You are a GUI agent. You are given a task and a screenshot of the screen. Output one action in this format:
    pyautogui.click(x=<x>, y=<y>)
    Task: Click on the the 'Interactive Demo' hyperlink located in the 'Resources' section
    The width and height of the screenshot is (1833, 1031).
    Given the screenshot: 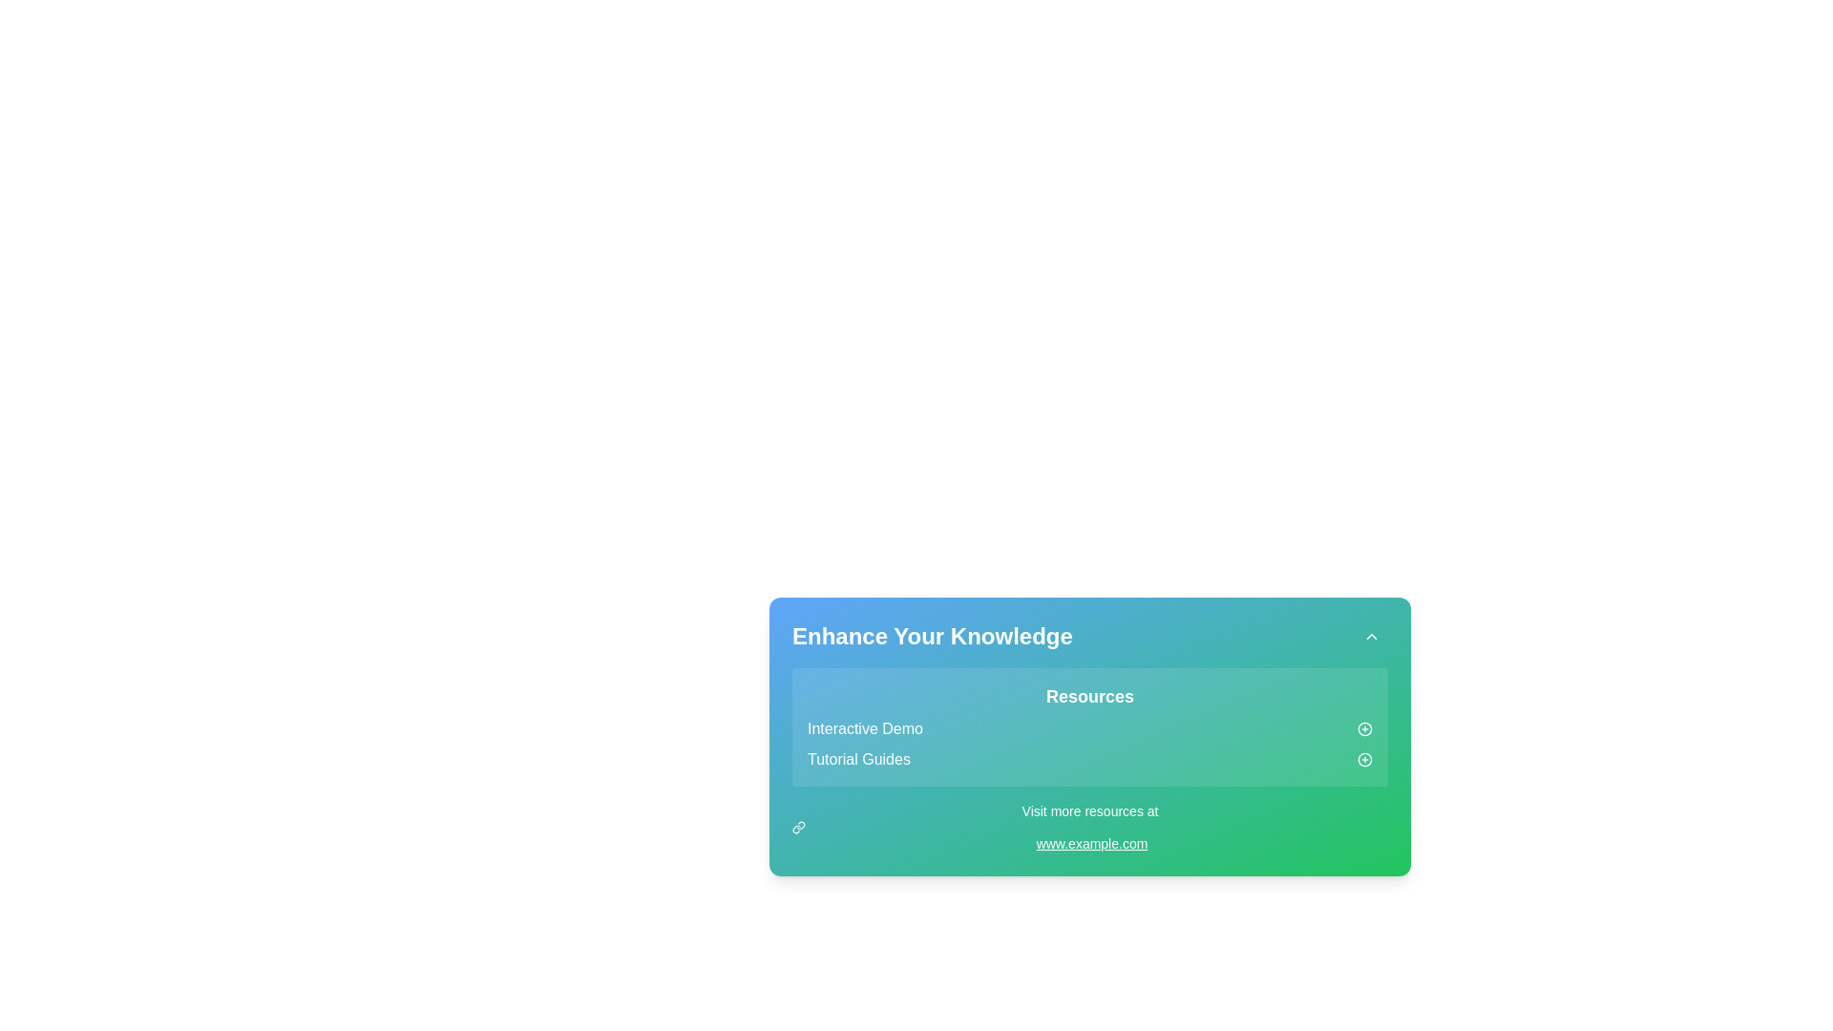 What is the action you would take?
    pyautogui.click(x=864, y=728)
    